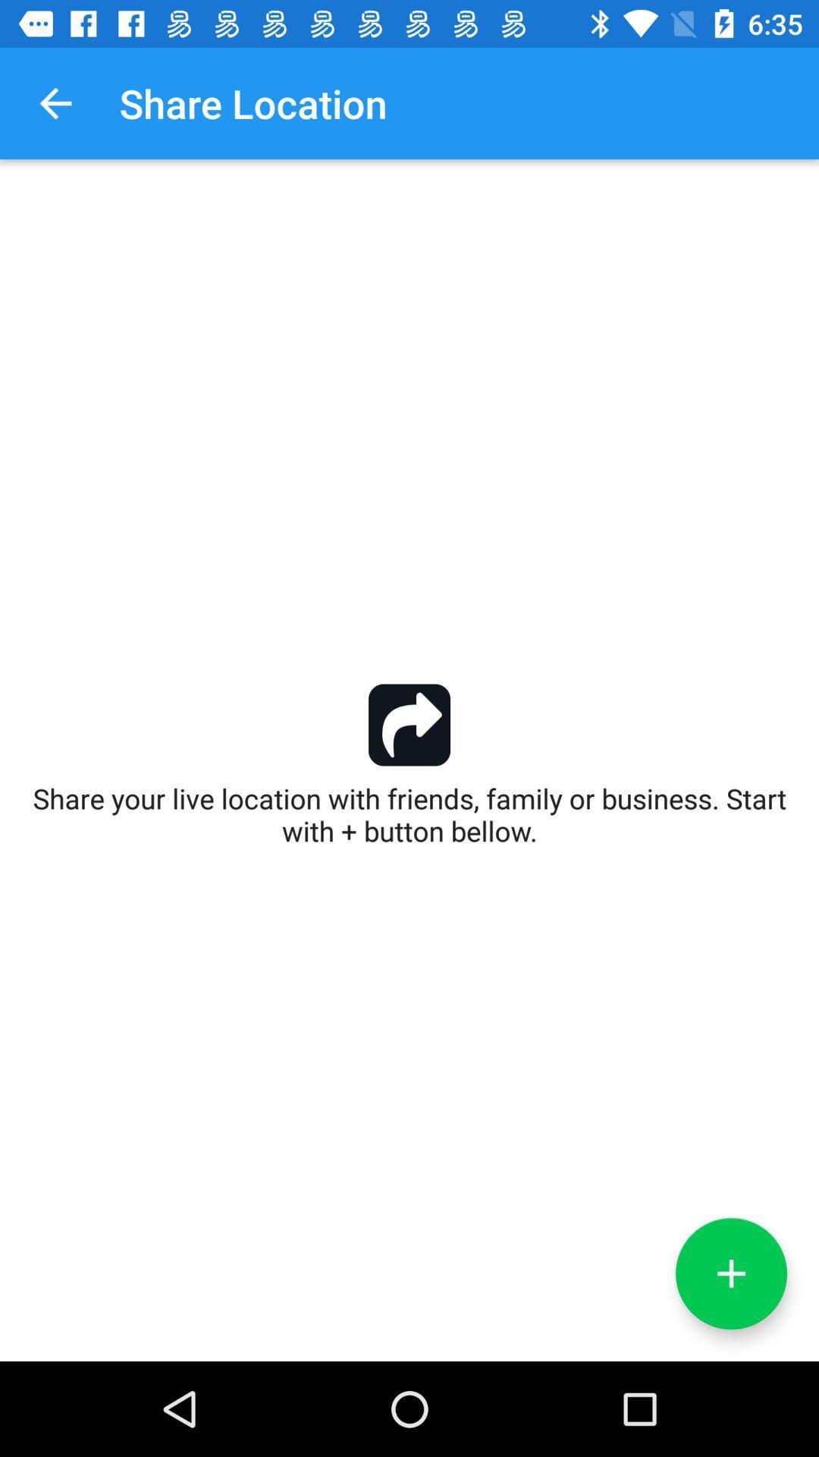 The height and width of the screenshot is (1457, 819). Describe the element at coordinates (55, 102) in the screenshot. I see `the app to the left of share location` at that location.